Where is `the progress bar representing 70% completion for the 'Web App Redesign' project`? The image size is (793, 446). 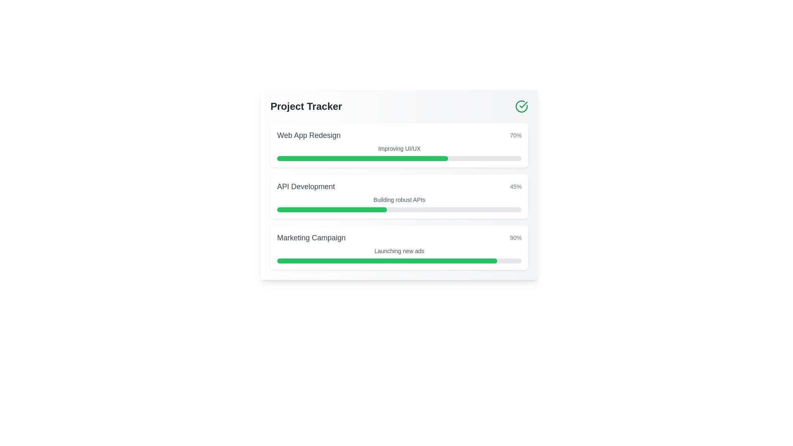 the progress bar representing 70% completion for the 'Web App Redesign' project is located at coordinates (399, 159).